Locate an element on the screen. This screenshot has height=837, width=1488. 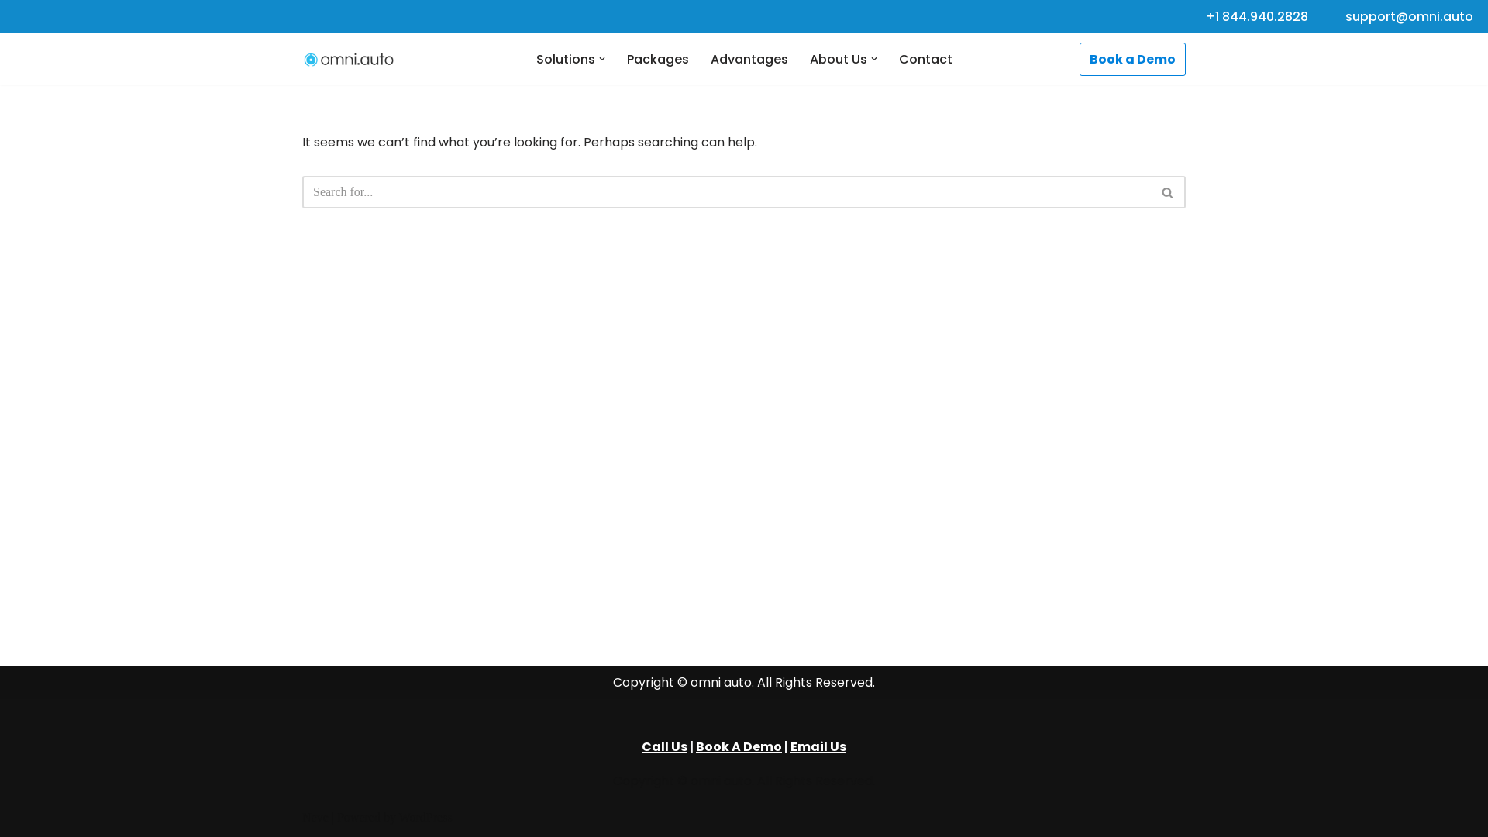
'Call Us' is located at coordinates (642, 746).